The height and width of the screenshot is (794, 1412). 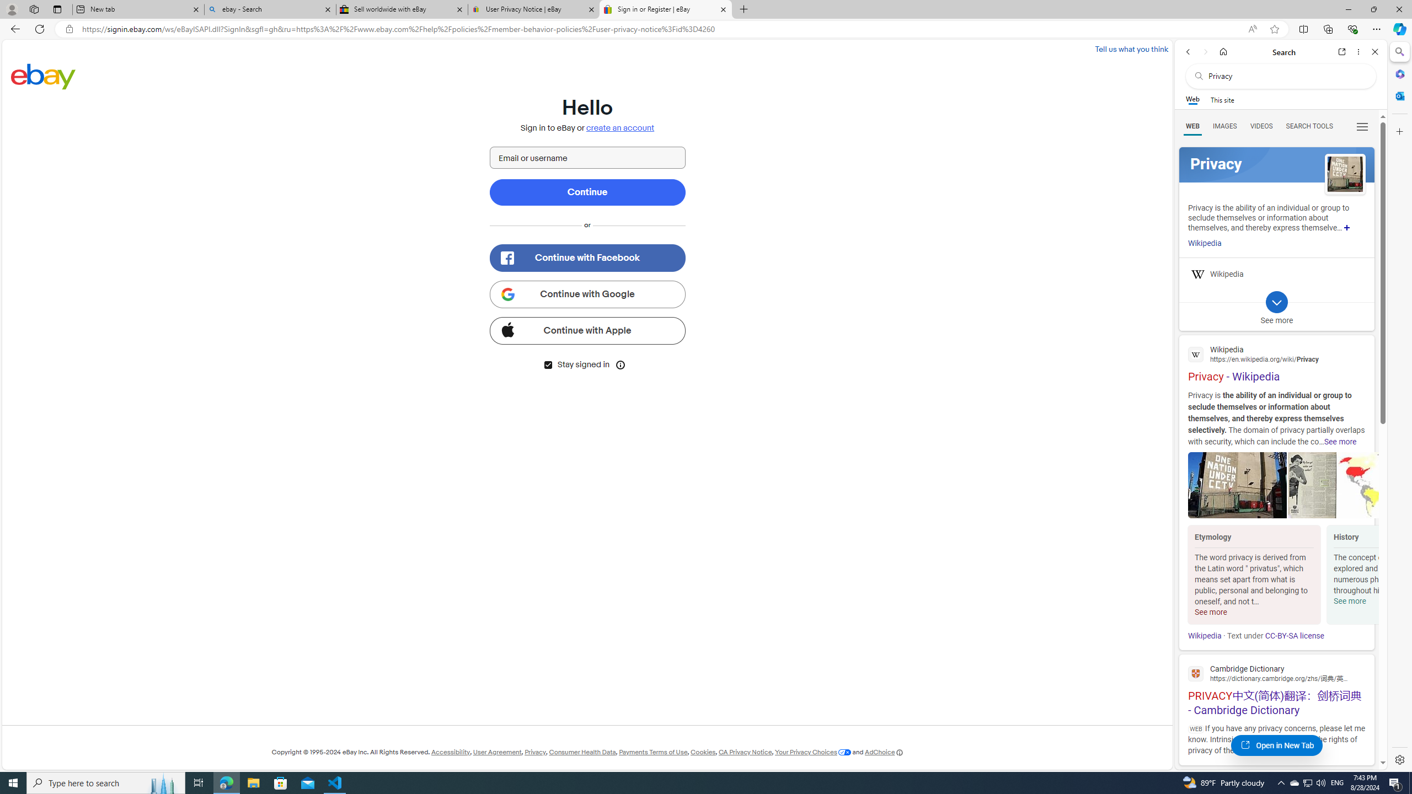 I want to click on 'create an account', so click(x=621, y=127).